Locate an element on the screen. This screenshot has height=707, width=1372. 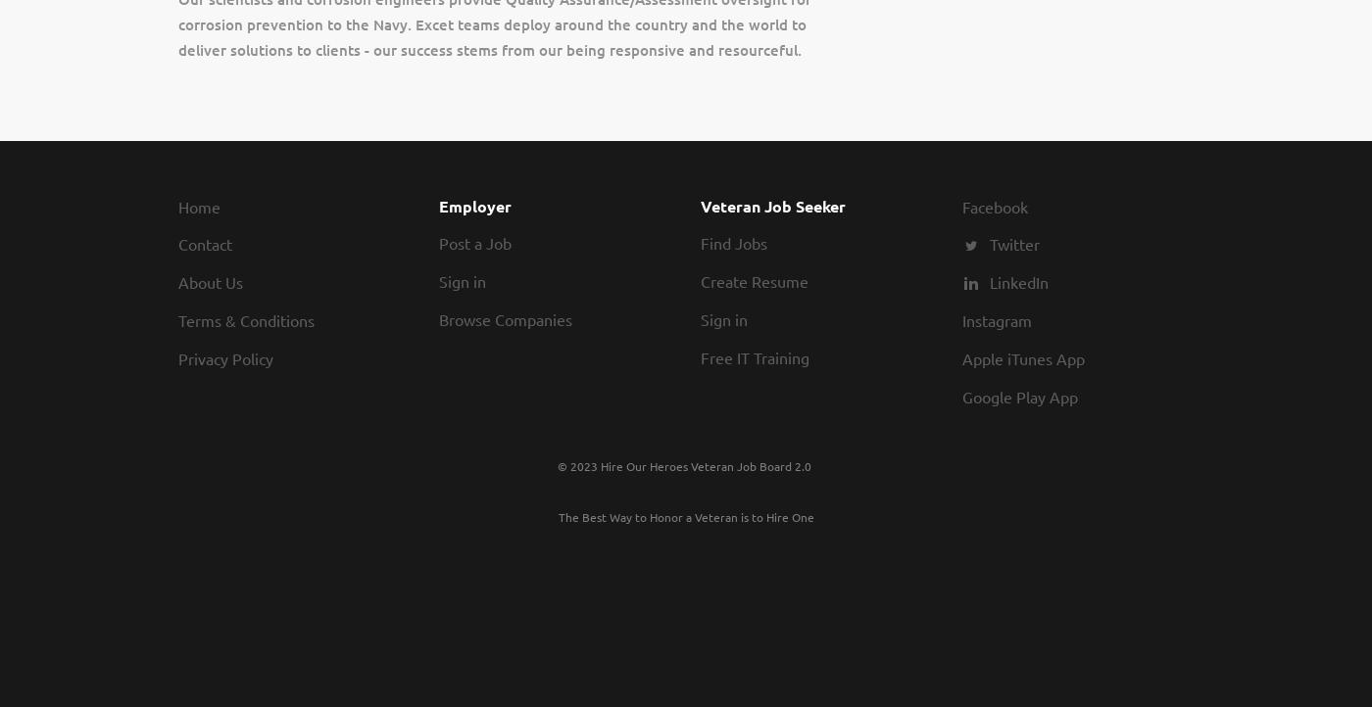
'Apple iTunes App' is located at coordinates (959, 356).